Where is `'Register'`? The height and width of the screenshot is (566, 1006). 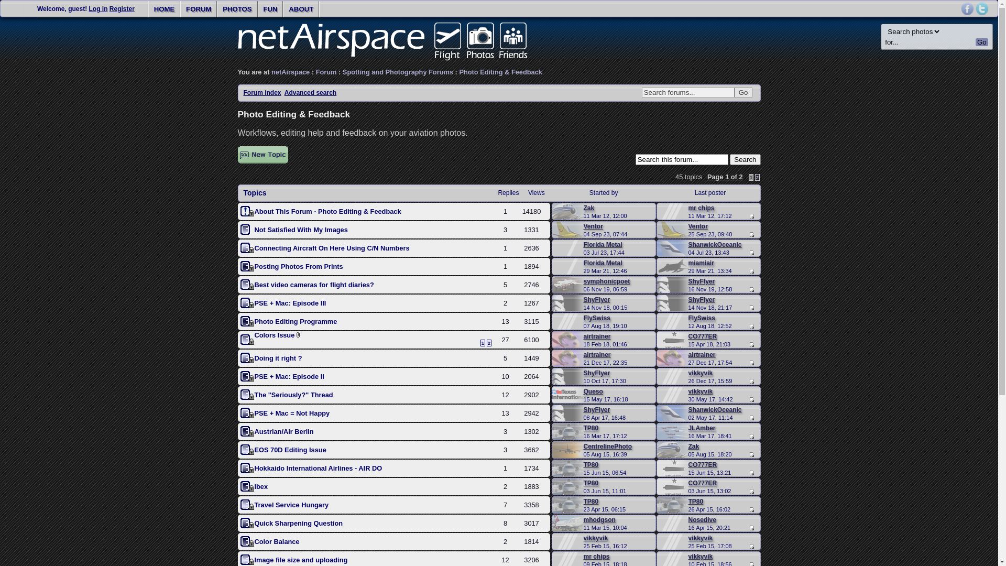
'Register' is located at coordinates (122, 8).